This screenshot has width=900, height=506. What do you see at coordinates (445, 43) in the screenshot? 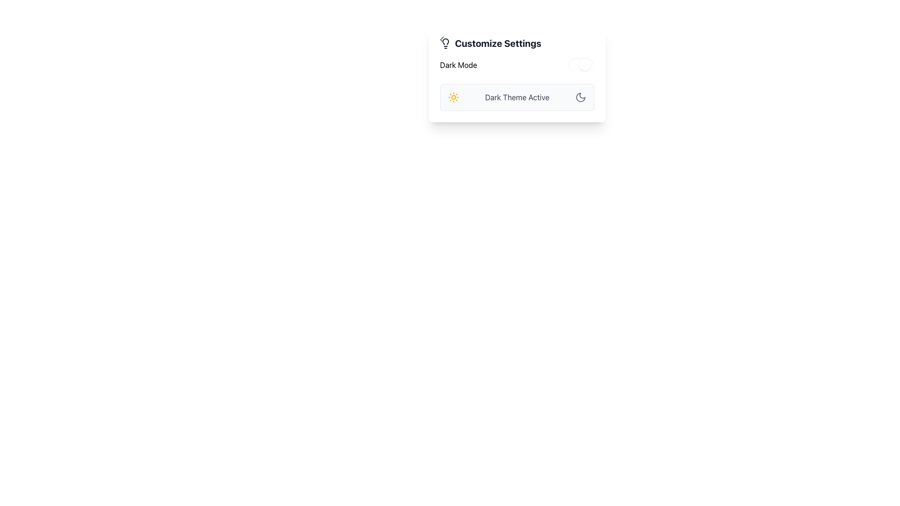
I see `the minimalist black light bulb icon located to the left of the 'Customize Settings' text in the header section` at bounding box center [445, 43].